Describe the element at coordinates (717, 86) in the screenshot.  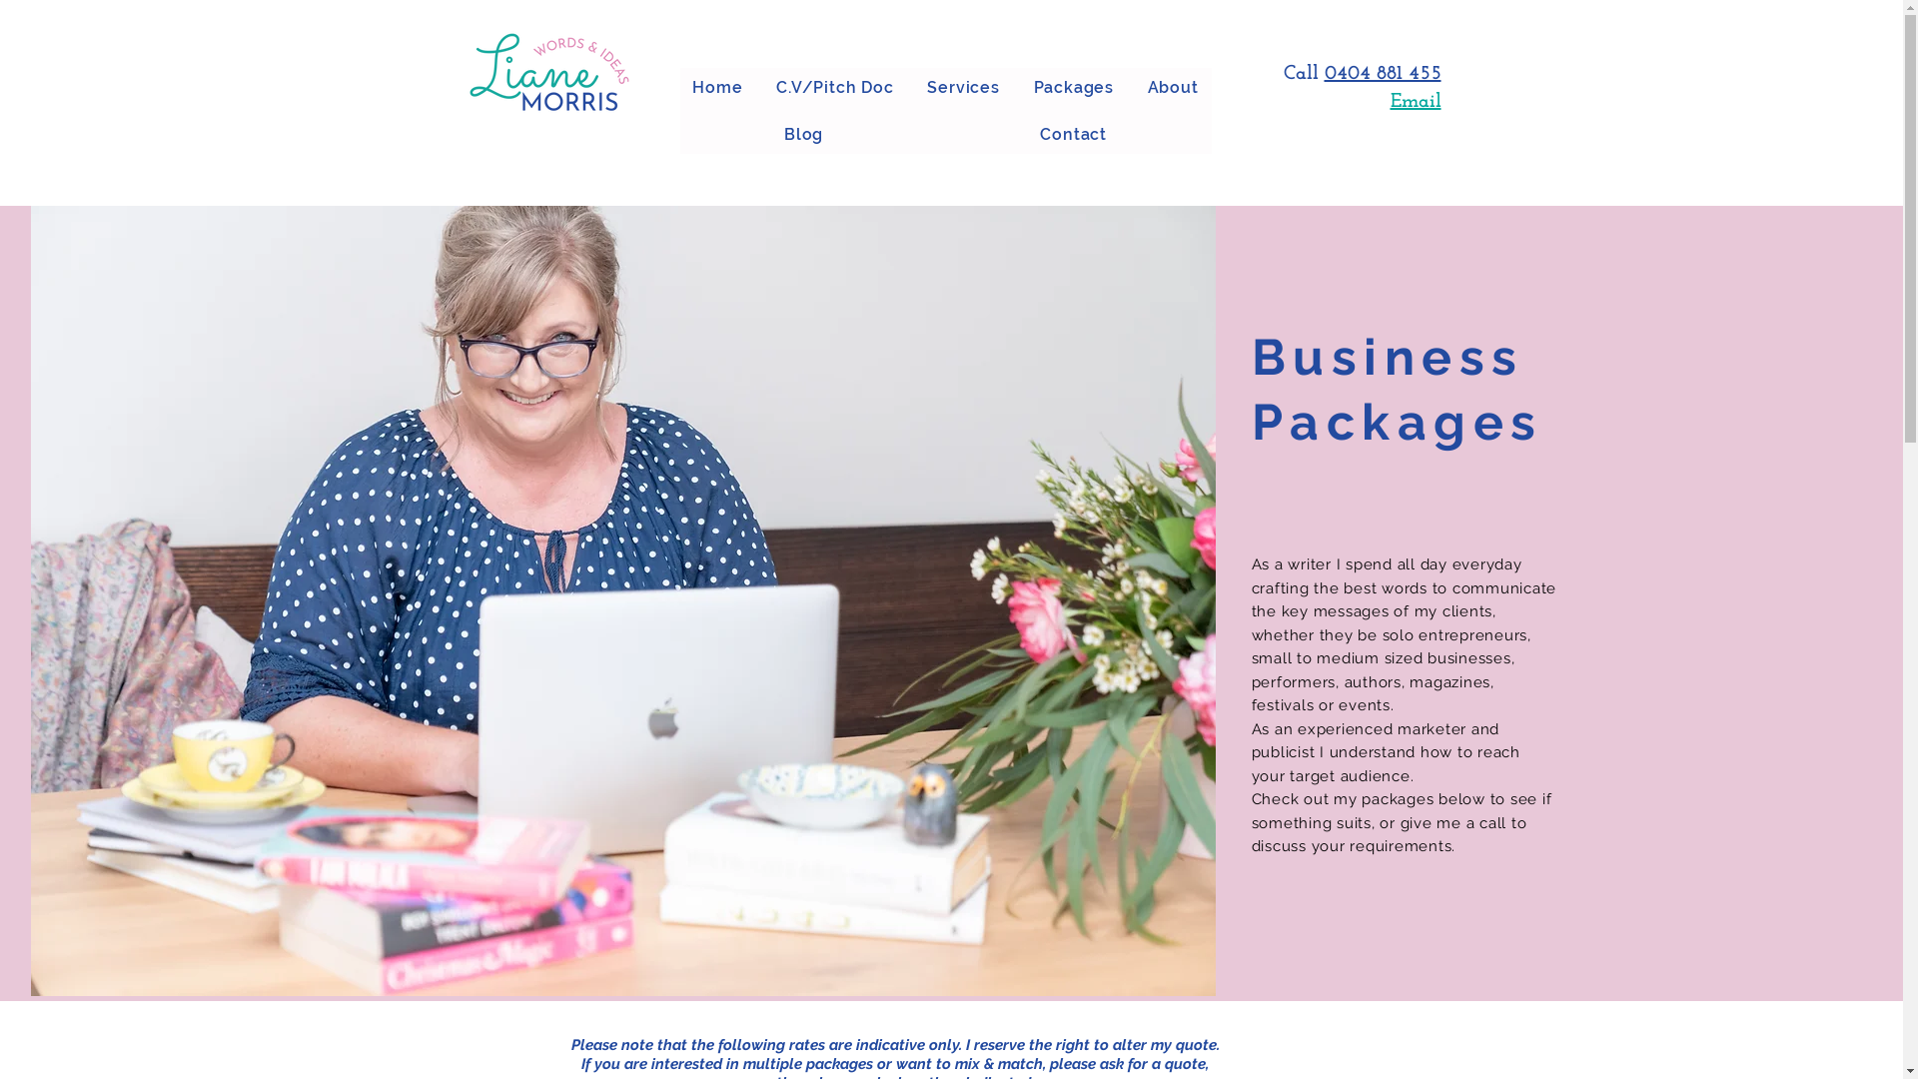
I see `'Home'` at that location.